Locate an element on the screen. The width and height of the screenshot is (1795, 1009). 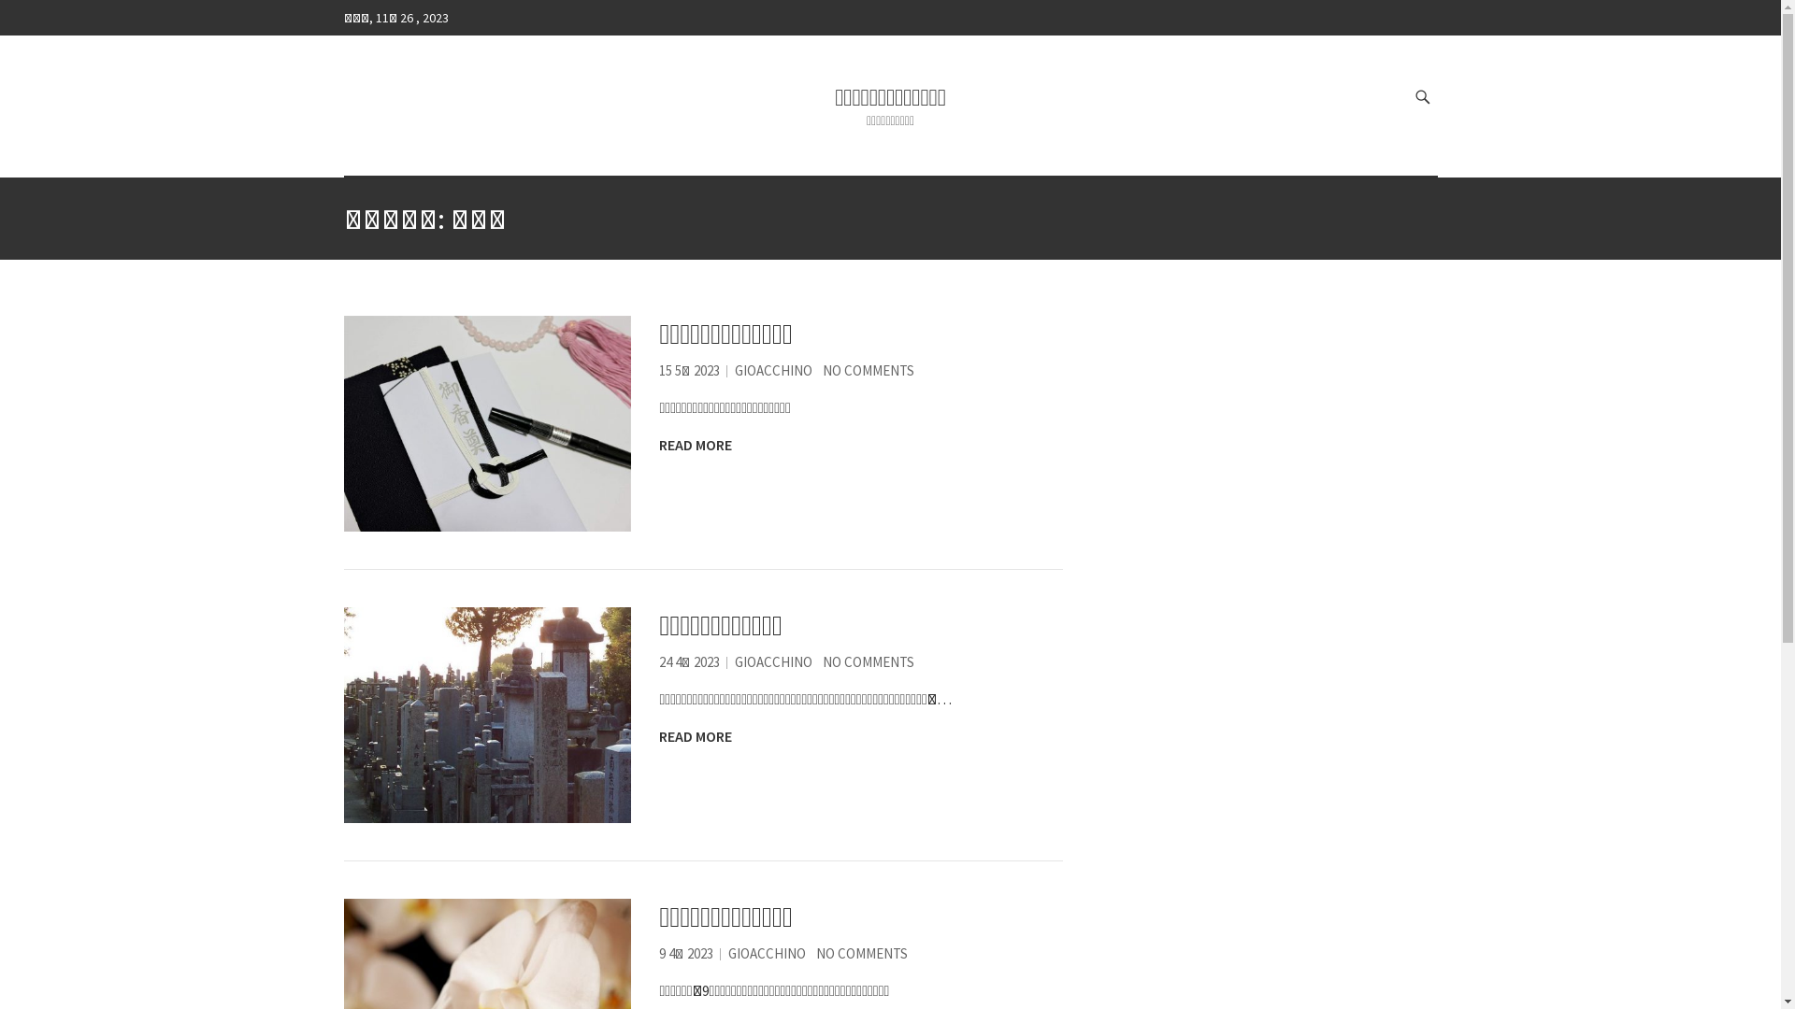
'NO COMMENTS' is located at coordinates (822, 370).